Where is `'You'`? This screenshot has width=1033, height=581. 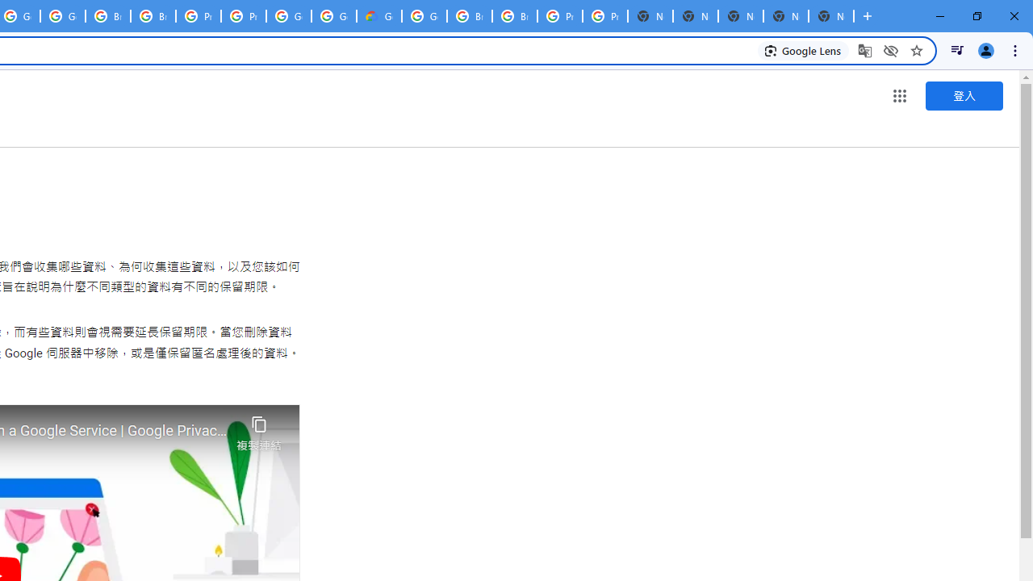 'You' is located at coordinates (985, 49).